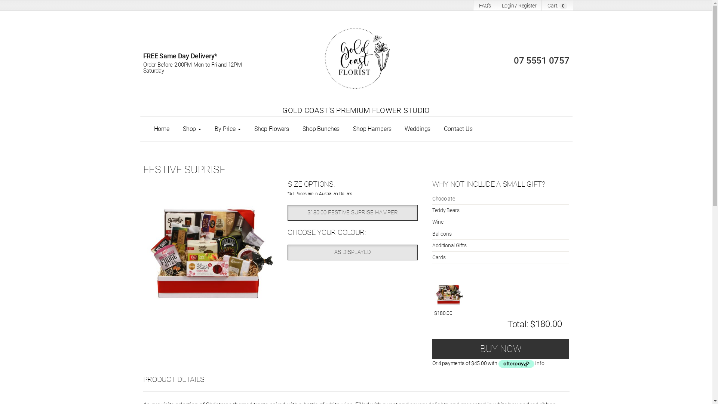 This screenshot has width=718, height=404. I want to click on 'Login', so click(508, 6).